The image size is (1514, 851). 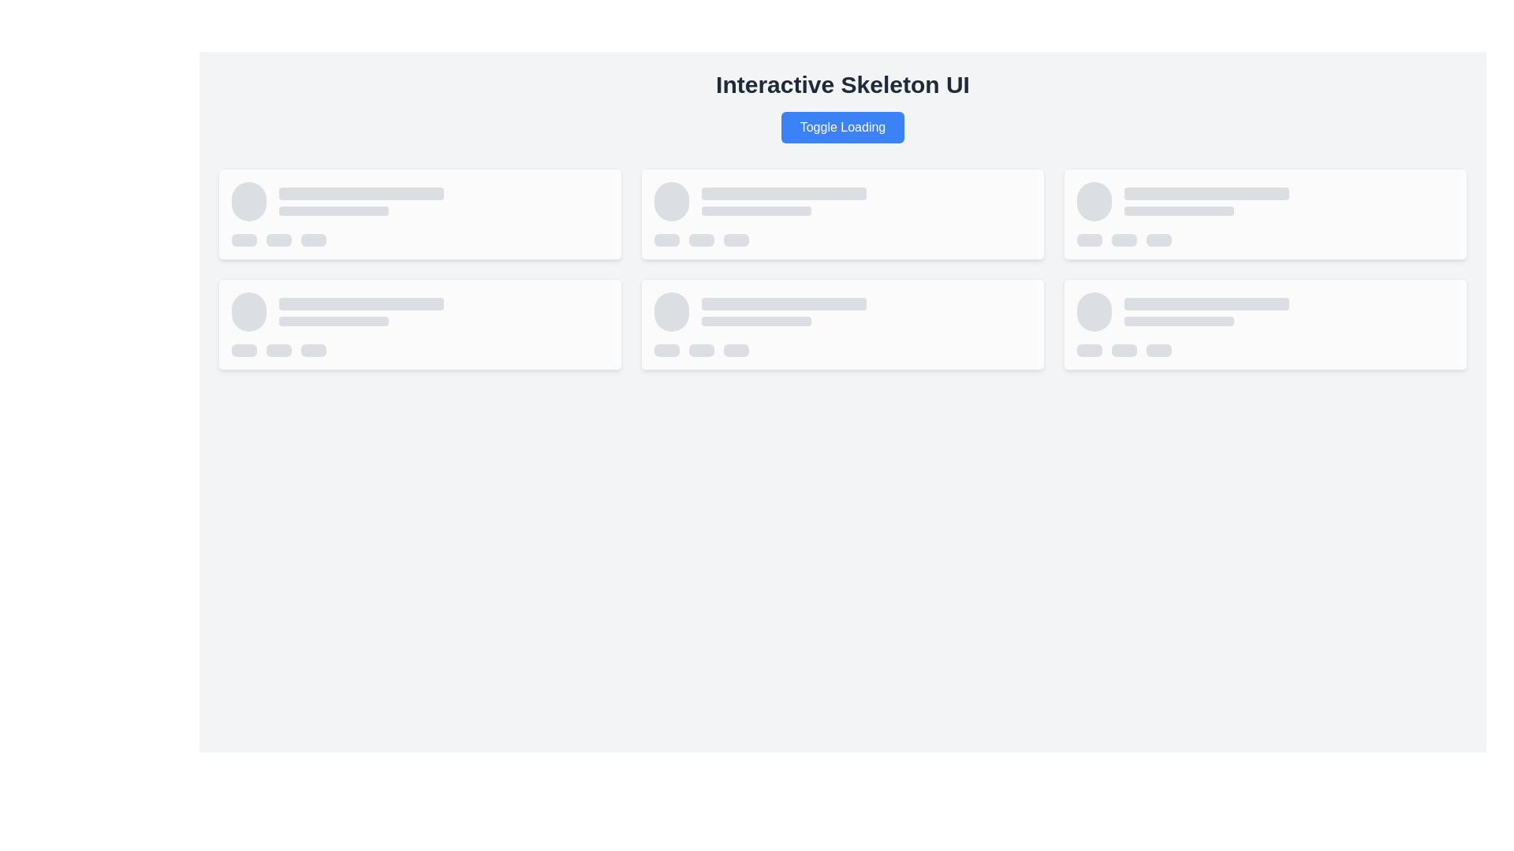 I want to click on the third disabled button in the horizontal row, which is a small gray button with rounded corners, located at the lower-right of a white card, so click(x=736, y=240).